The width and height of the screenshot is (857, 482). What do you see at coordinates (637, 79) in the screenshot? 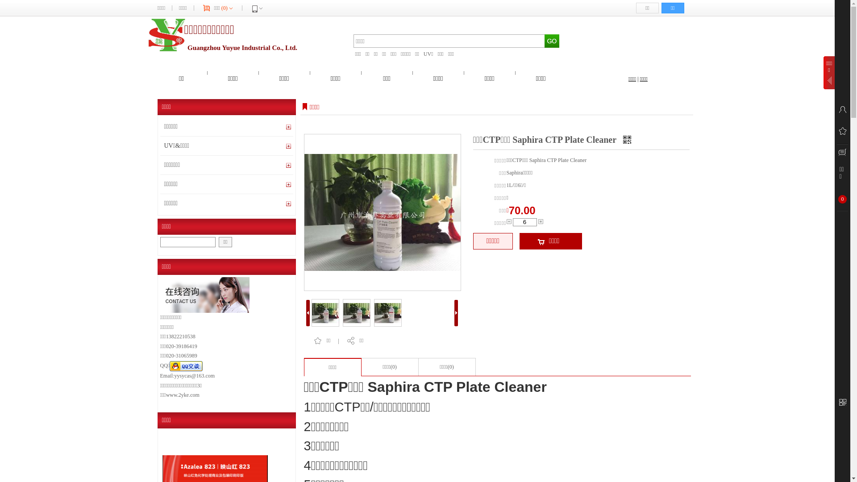
I see `'|'` at bounding box center [637, 79].